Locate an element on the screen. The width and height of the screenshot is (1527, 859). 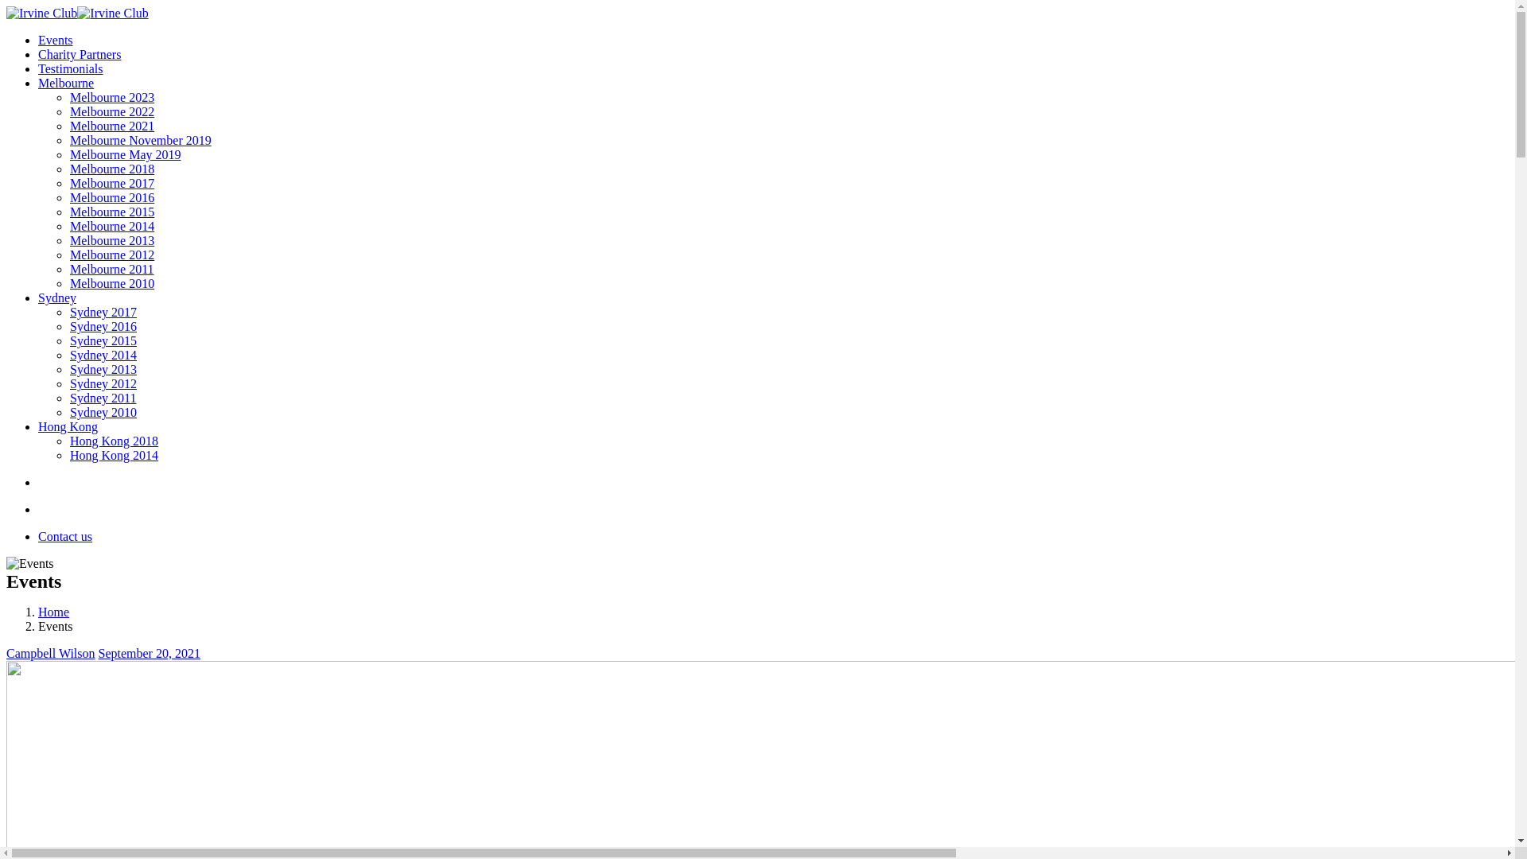
'Melbourne 2023' is located at coordinates (111, 97).